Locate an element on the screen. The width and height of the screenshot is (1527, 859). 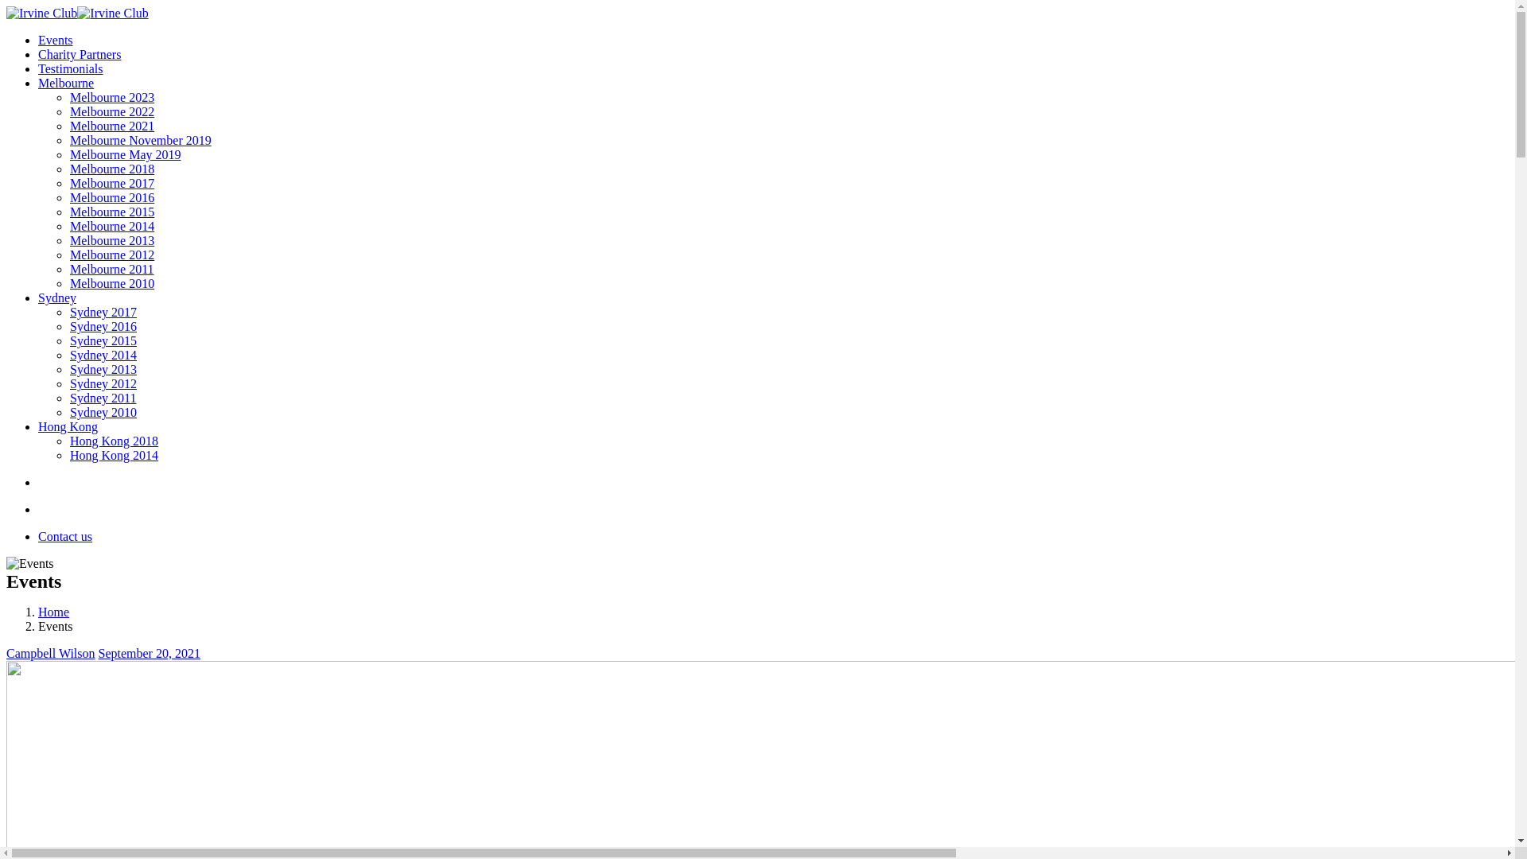
'Melbourne 2023' is located at coordinates (111, 97).